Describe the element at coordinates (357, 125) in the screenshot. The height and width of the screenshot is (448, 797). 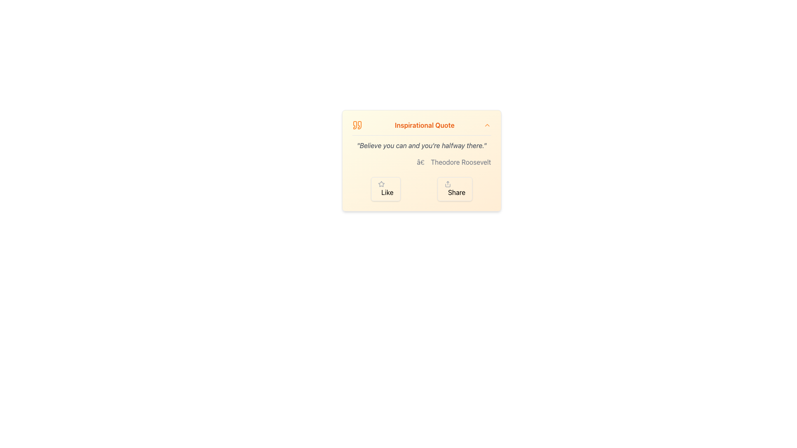
I see `the orange icon resembling quotation marks, which is positioned to the left of the text 'Inspirational Quote'` at that location.